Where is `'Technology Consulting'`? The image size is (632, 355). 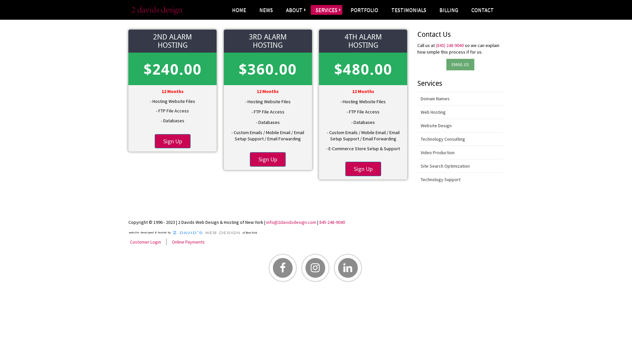
'Technology Consulting' is located at coordinates (417, 139).